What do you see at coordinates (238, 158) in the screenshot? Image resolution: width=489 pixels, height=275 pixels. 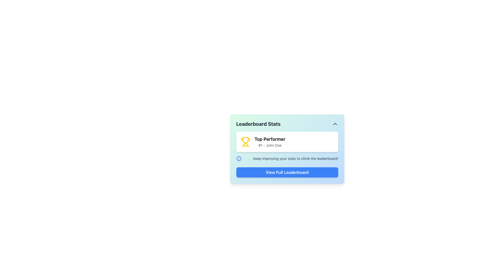 I see `the 'info' icon graphic element located adjacent to the text 'Keep improving your stats to climb the leaderboard!' in the bottom-left corner of the leaderboard card` at bounding box center [238, 158].